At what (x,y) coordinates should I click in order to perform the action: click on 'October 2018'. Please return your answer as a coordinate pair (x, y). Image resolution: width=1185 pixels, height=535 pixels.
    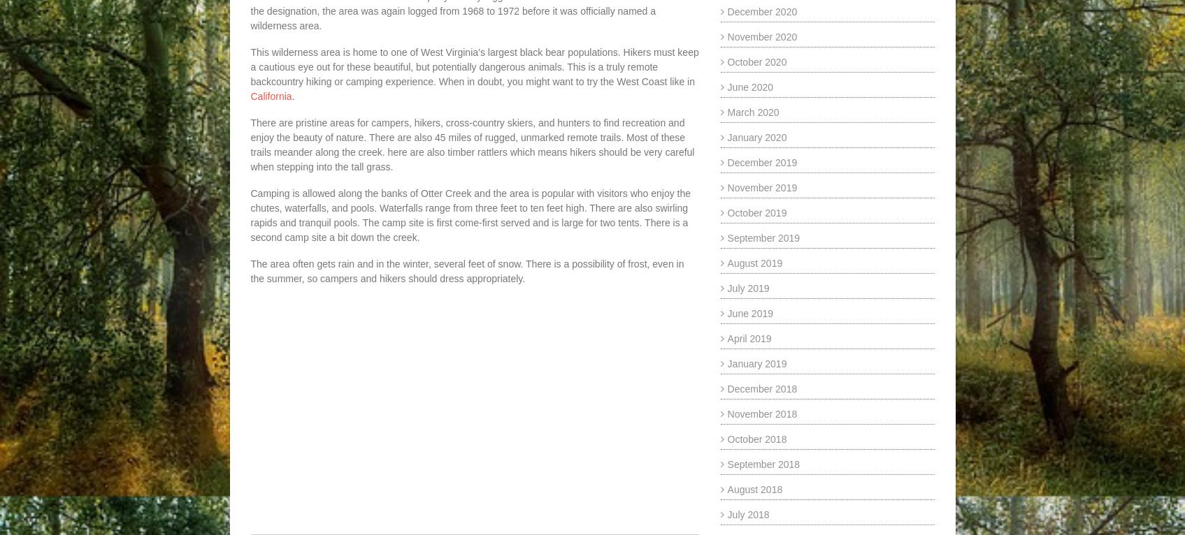
    Looking at the image, I should click on (756, 438).